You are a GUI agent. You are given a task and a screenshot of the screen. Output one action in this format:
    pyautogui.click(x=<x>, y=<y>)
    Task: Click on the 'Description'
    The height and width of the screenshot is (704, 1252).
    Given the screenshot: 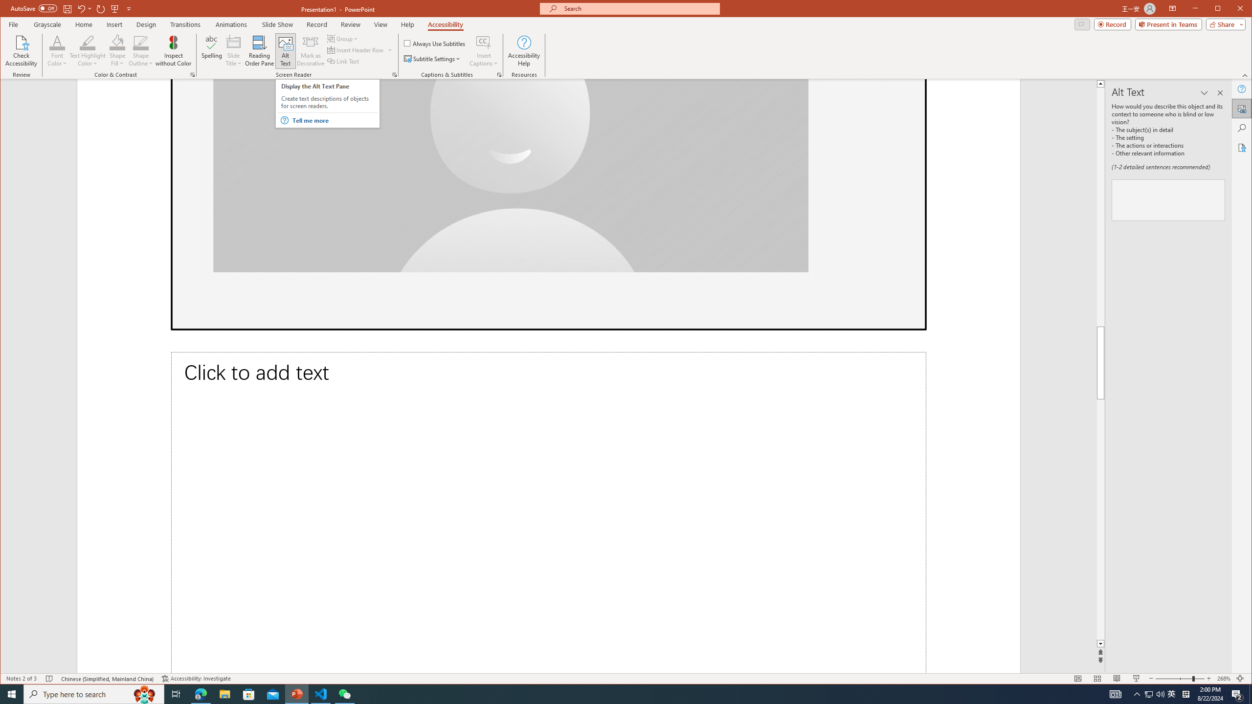 What is the action you would take?
    pyautogui.click(x=1168, y=200)
    